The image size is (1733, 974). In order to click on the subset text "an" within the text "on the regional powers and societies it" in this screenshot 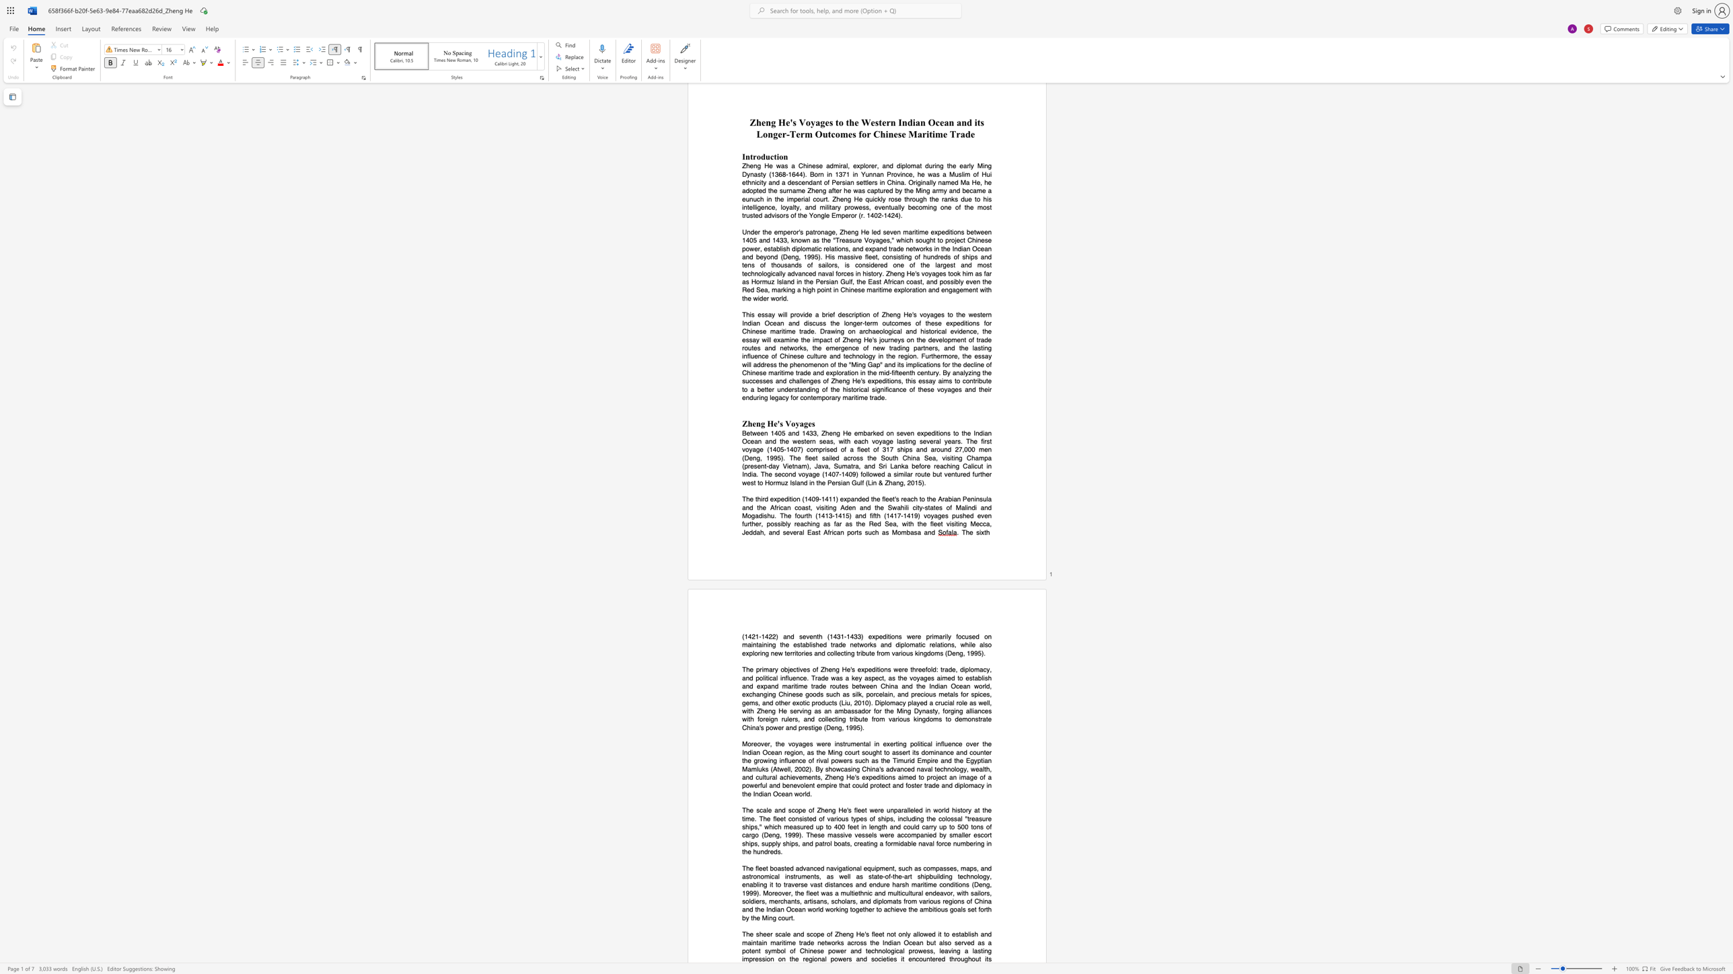, I will do `click(855, 959)`.